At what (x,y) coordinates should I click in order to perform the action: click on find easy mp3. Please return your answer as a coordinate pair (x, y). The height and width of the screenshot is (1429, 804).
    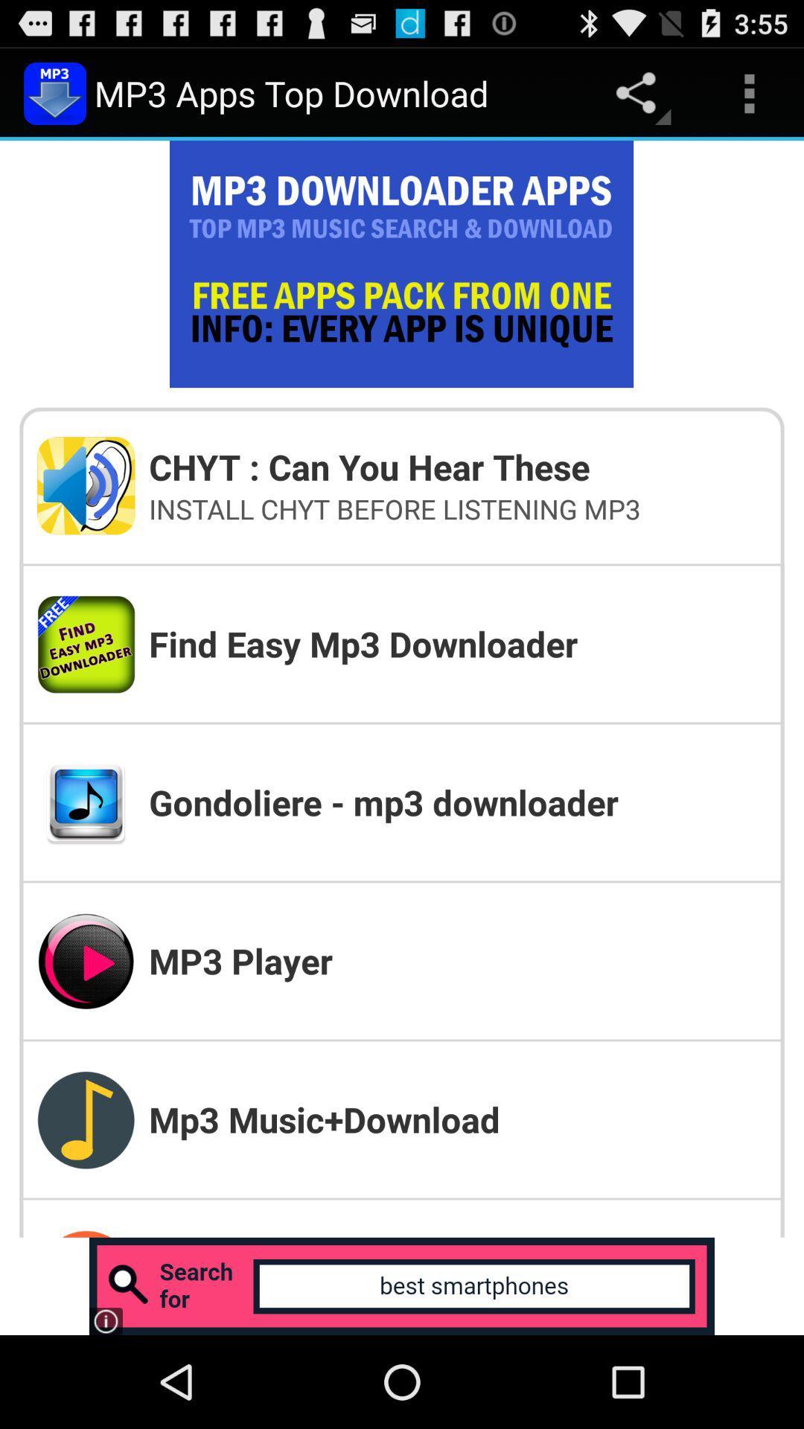
    Looking at the image, I should click on (456, 644).